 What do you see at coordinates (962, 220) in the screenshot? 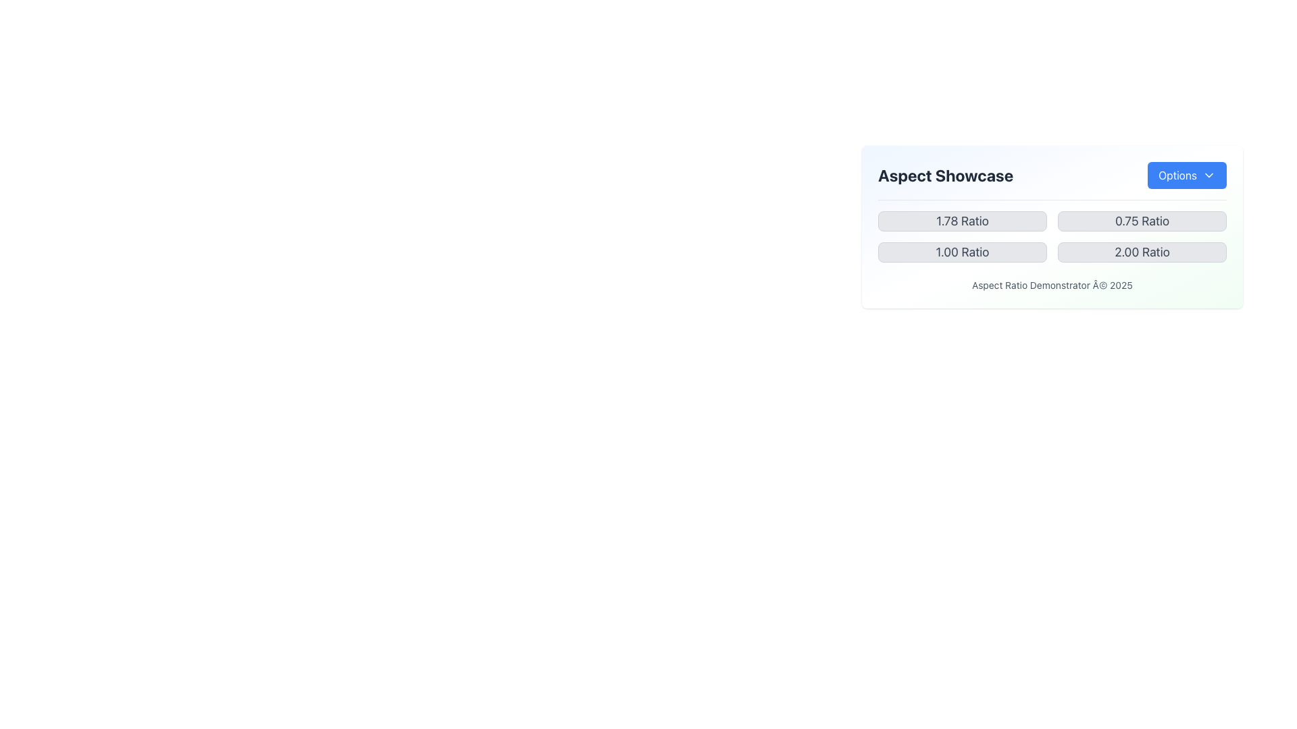
I see `the non-interactive label indicating the '1.78 Ratio' located in the top-left quadrant of a 2x2 grid of buttons` at bounding box center [962, 220].